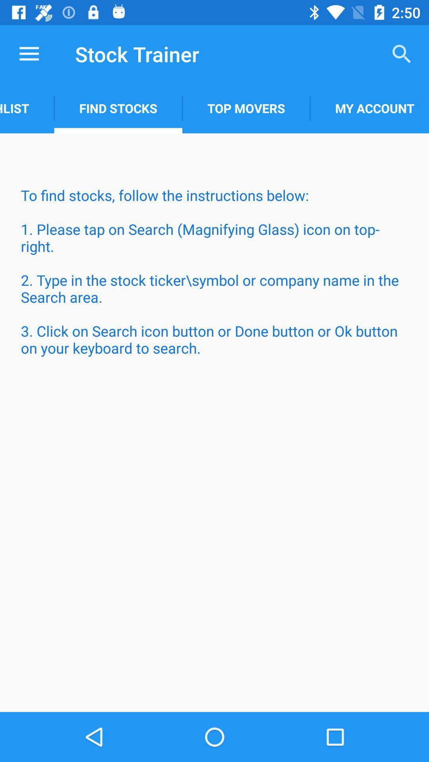  What do you see at coordinates (27, 108) in the screenshot?
I see `watchlist app` at bounding box center [27, 108].